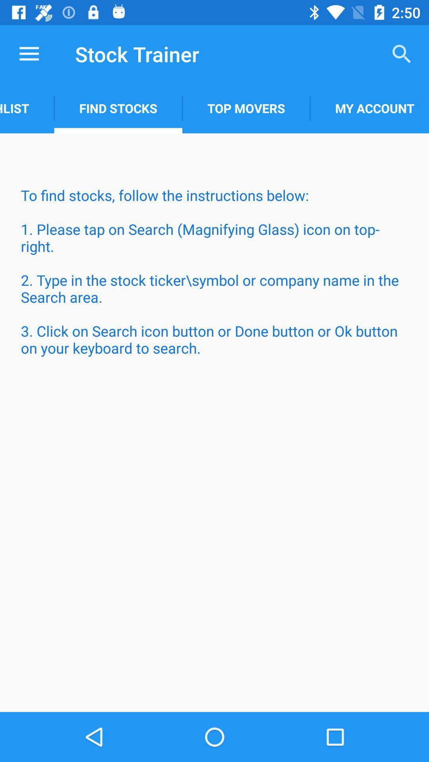  What do you see at coordinates (27, 108) in the screenshot?
I see `watchlist app` at bounding box center [27, 108].